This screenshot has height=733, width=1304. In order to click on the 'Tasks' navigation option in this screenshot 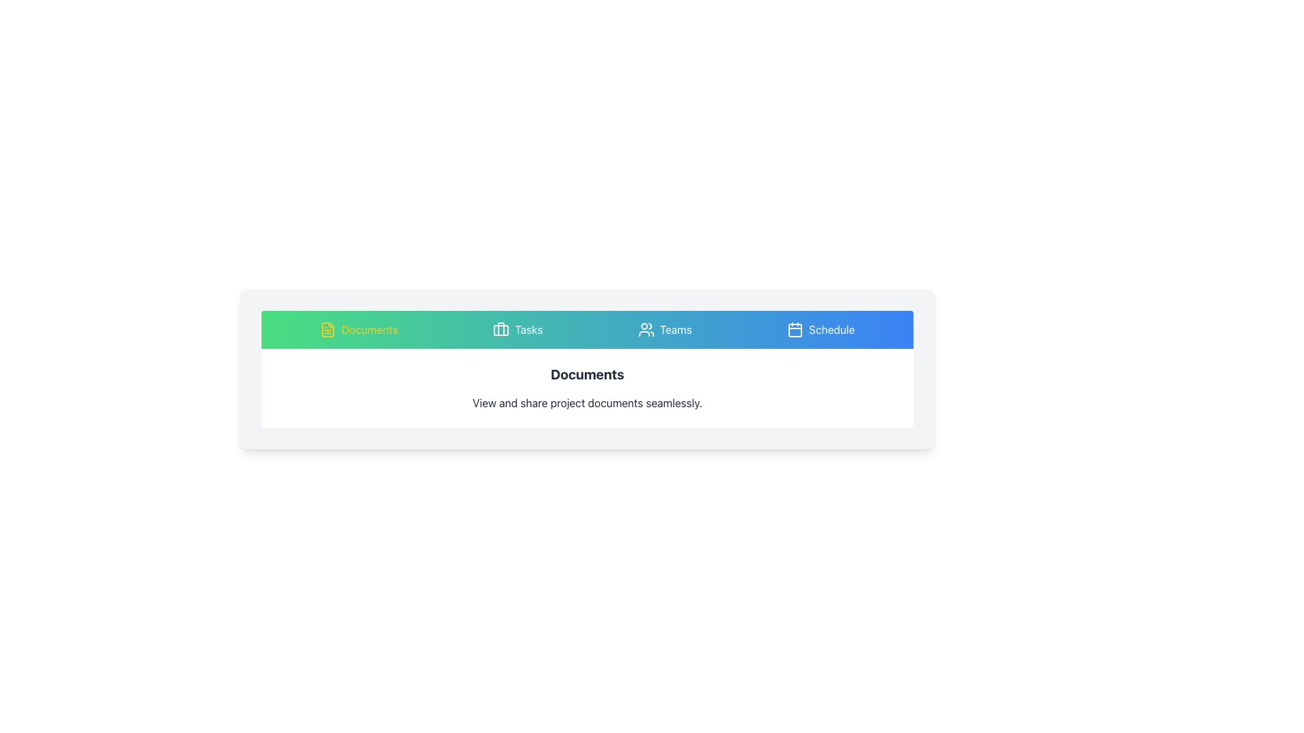, I will do `click(528, 330)`.